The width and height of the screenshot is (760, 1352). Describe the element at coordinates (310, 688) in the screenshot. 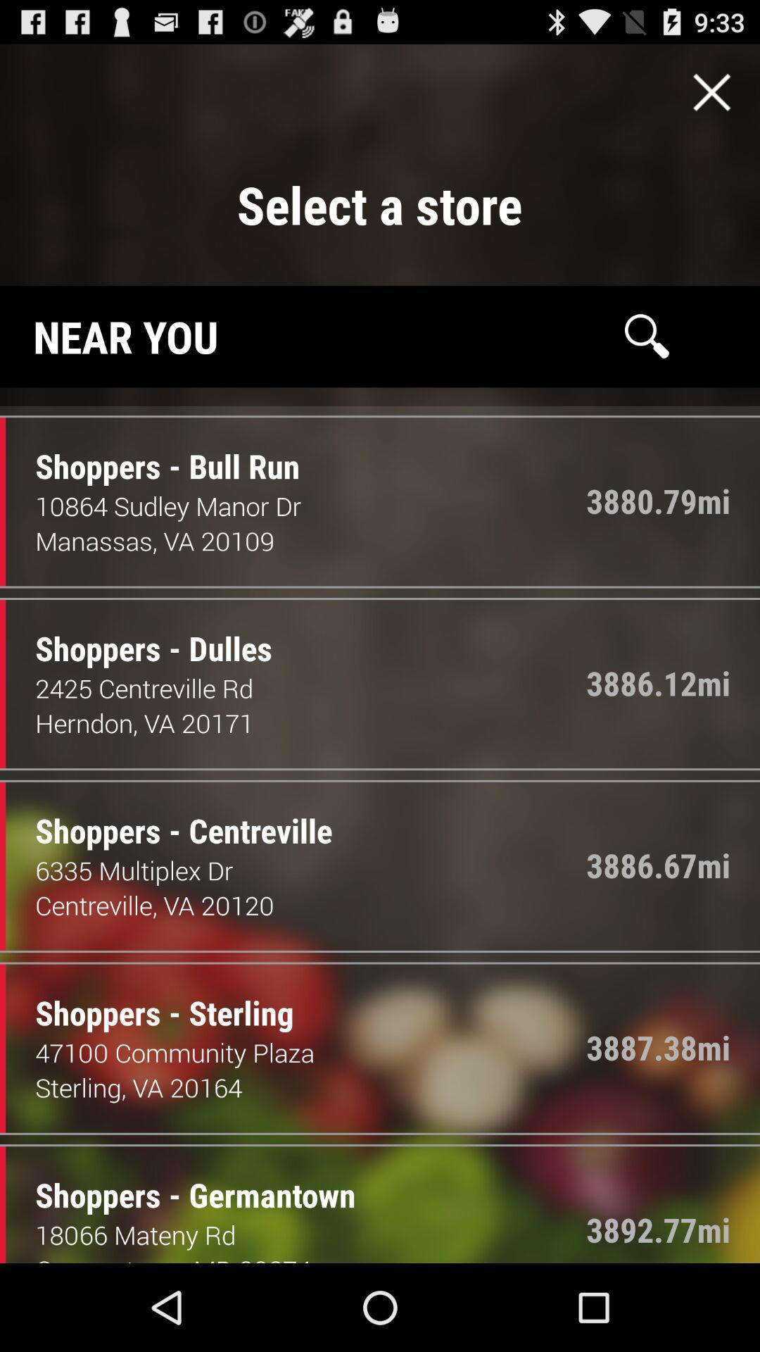

I see `2425 centreville rd item` at that location.